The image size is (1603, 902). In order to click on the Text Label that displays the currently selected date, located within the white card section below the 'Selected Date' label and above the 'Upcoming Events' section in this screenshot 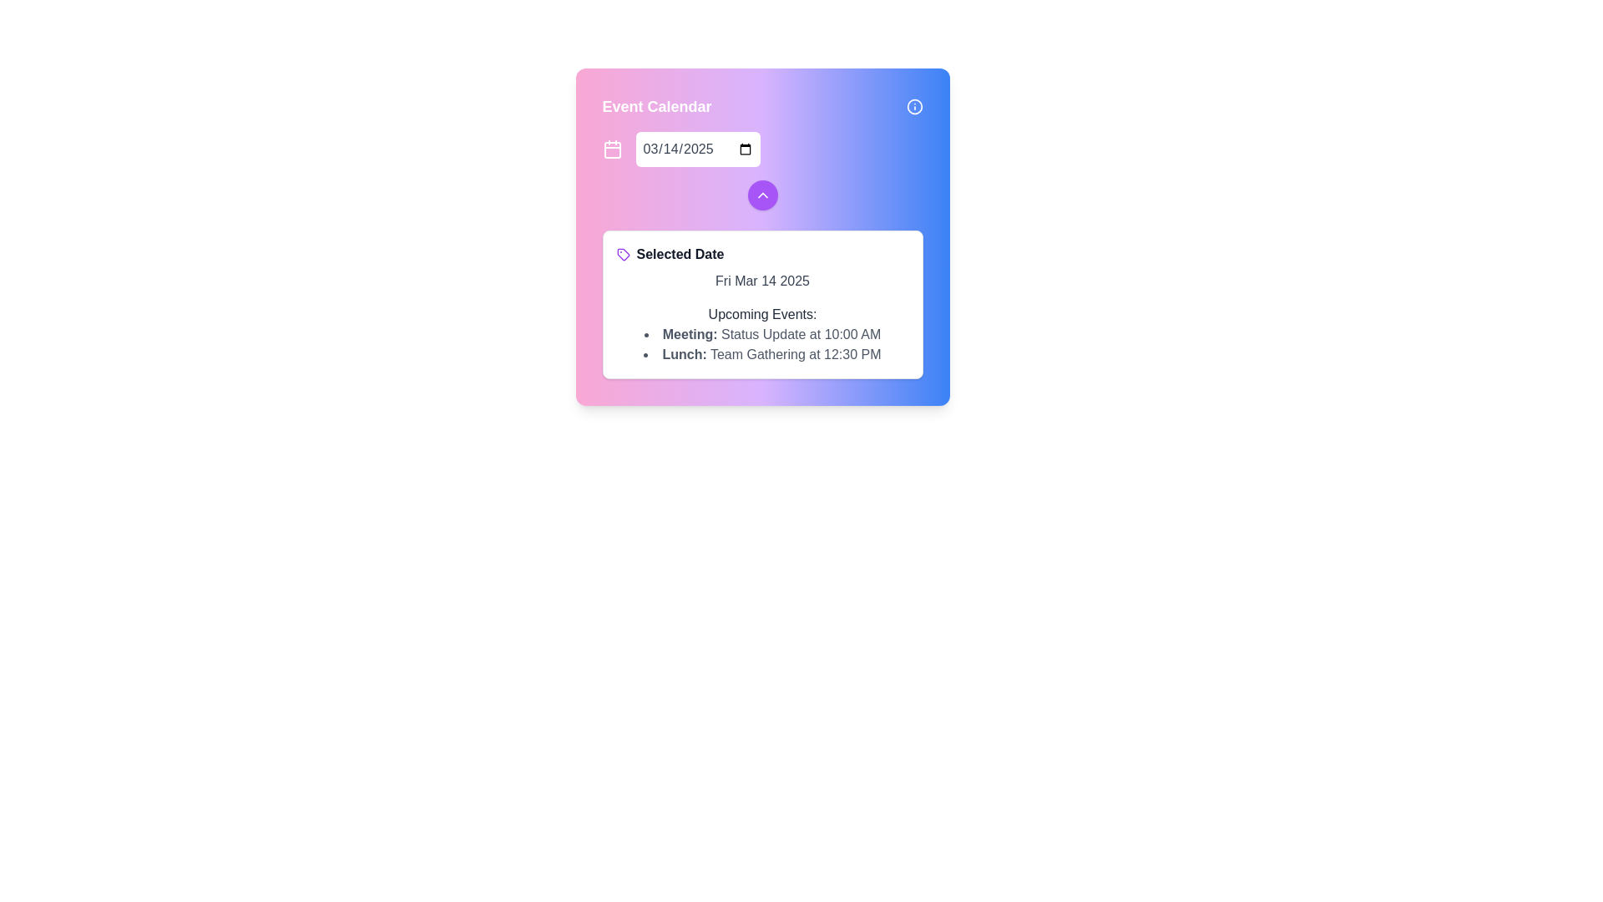, I will do `click(761, 280)`.